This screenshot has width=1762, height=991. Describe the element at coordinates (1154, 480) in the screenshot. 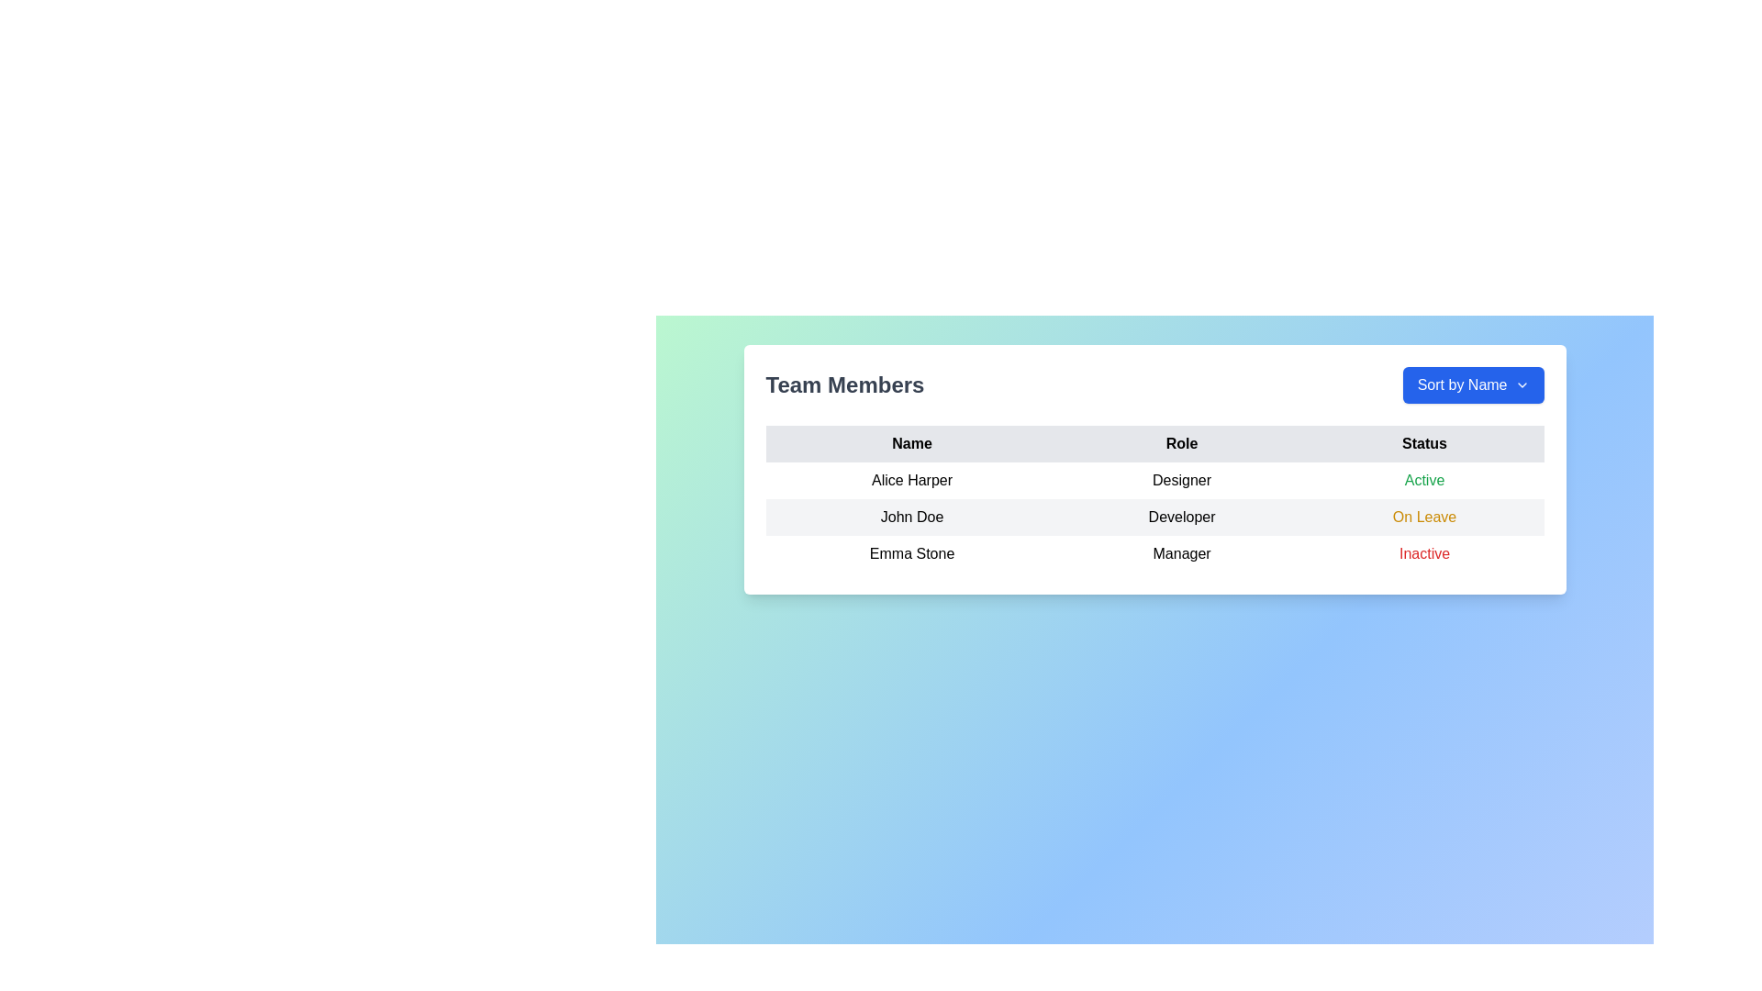

I see `the first row of the table under the 'Team Members' heading, which contains 'Alice Harper', 'Designer', and 'Active' status in green text` at that location.